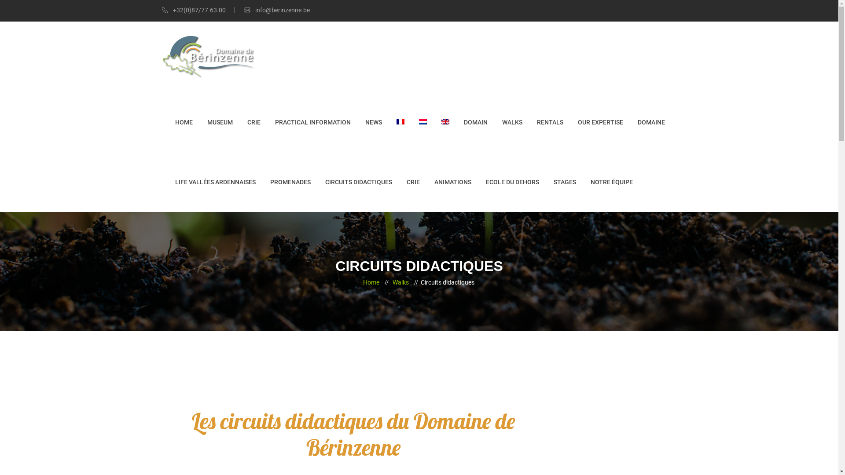 The height and width of the screenshot is (475, 845). I want to click on 'OUR EXPERTISE', so click(599, 122).